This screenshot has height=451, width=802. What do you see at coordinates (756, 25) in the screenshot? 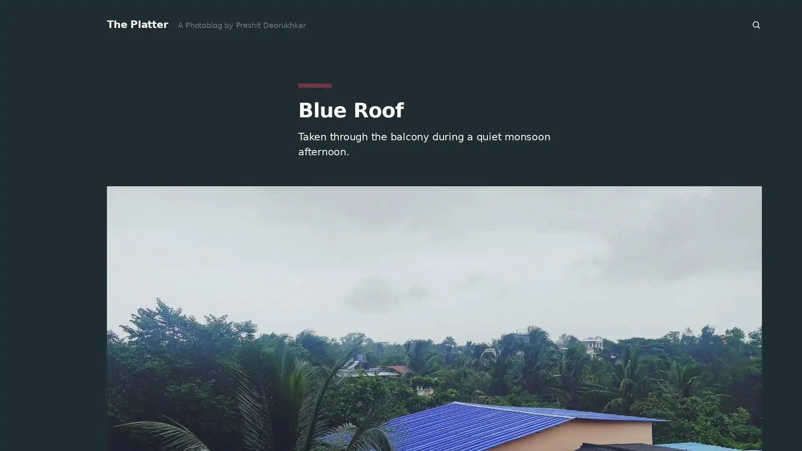
I see `Search` at bounding box center [756, 25].